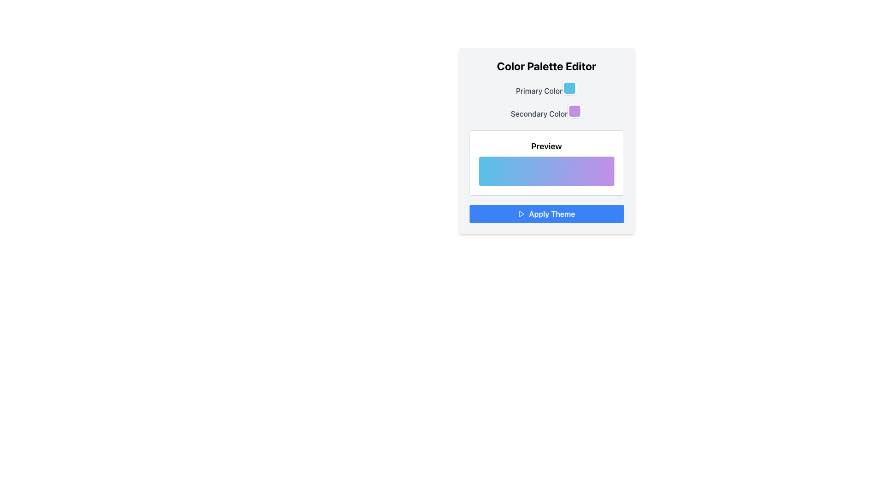 Image resolution: width=883 pixels, height=496 pixels. Describe the element at coordinates (546, 214) in the screenshot. I see `the 'Apply Theme' button located at the bottom of the 'Color Palette Editor' interface` at that location.